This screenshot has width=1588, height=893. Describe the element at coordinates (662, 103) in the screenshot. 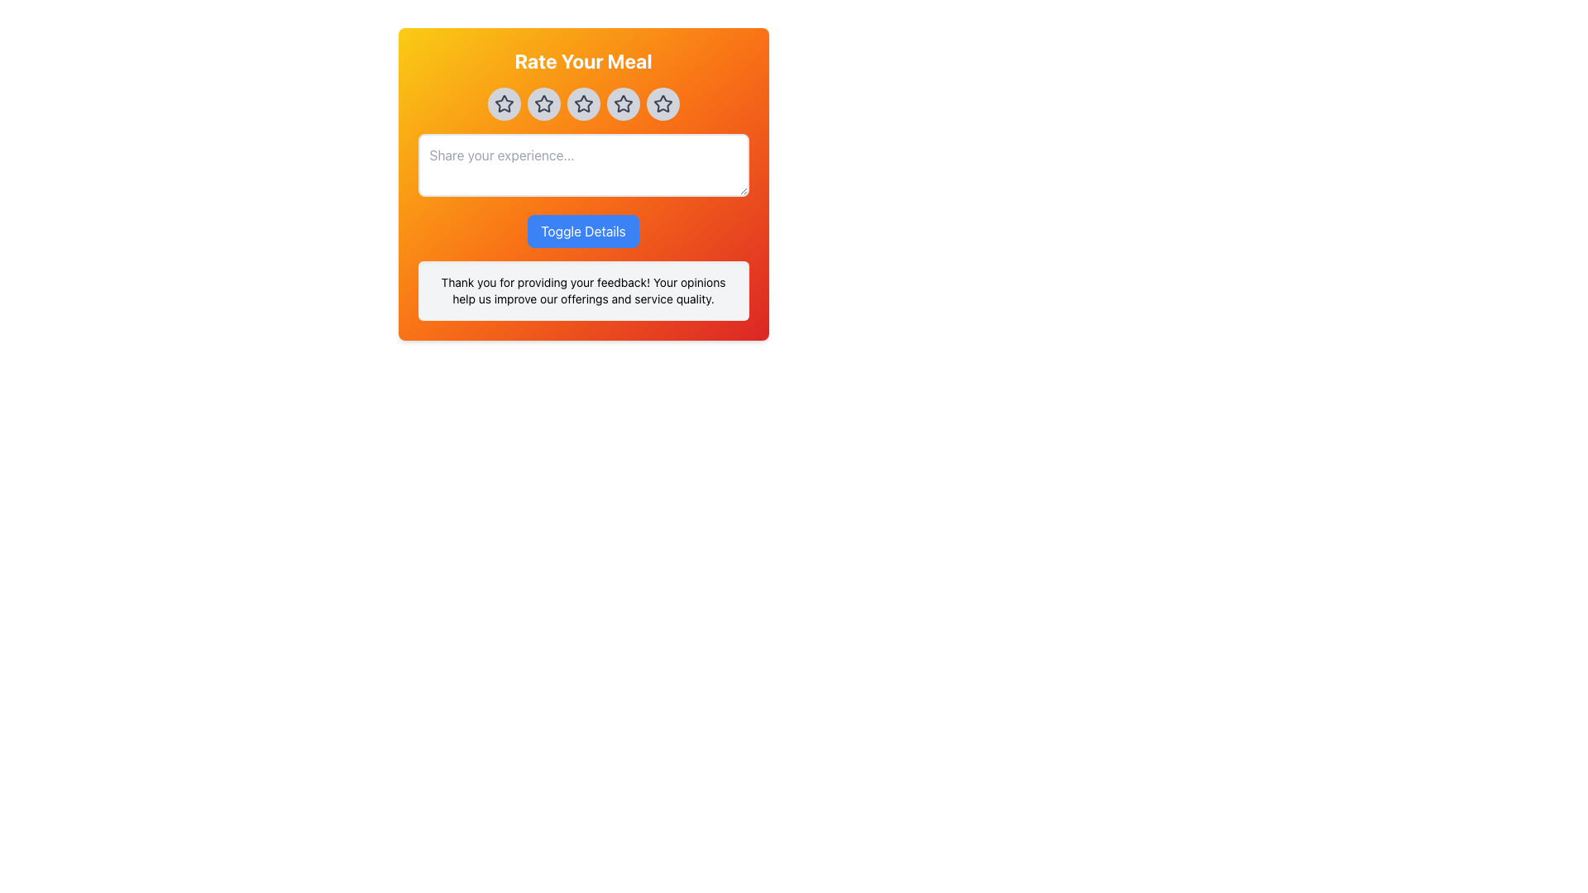

I see `the fifth star icon in the rating system under 'Rate Your Meal'` at that location.